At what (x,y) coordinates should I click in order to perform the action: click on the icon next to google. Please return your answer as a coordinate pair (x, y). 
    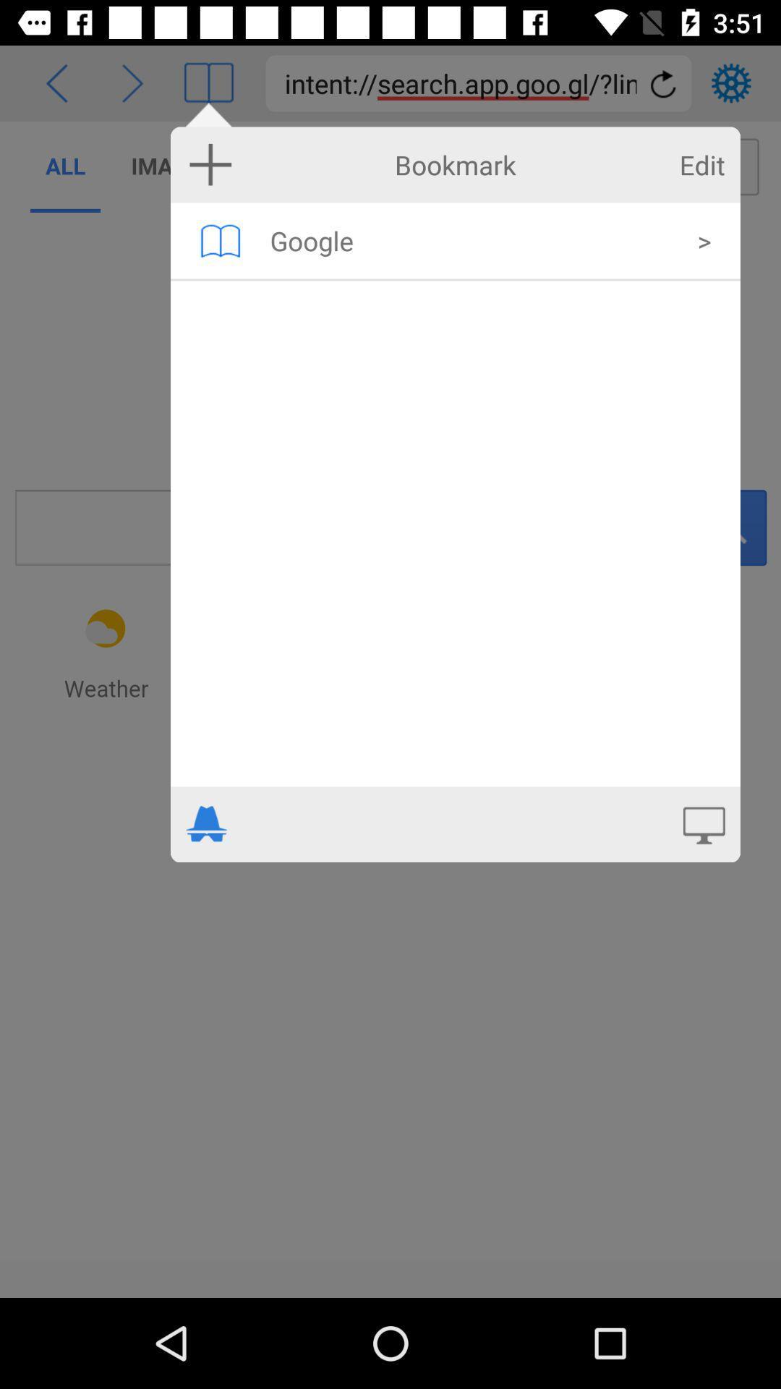
    Looking at the image, I should click on (220, 240).